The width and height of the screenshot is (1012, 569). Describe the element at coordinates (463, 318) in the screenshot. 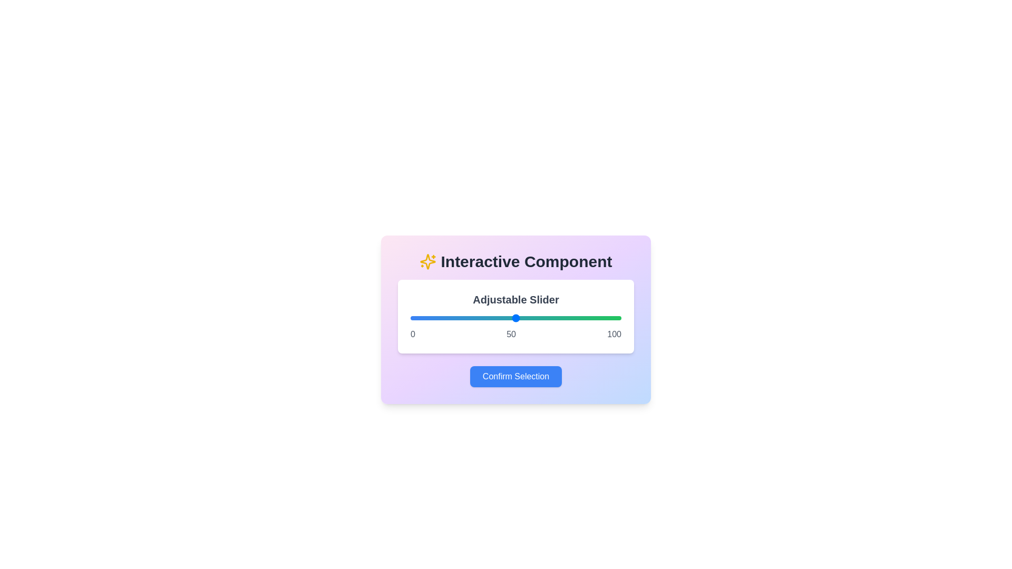

I see `the slider to set its value to 25` at that location.